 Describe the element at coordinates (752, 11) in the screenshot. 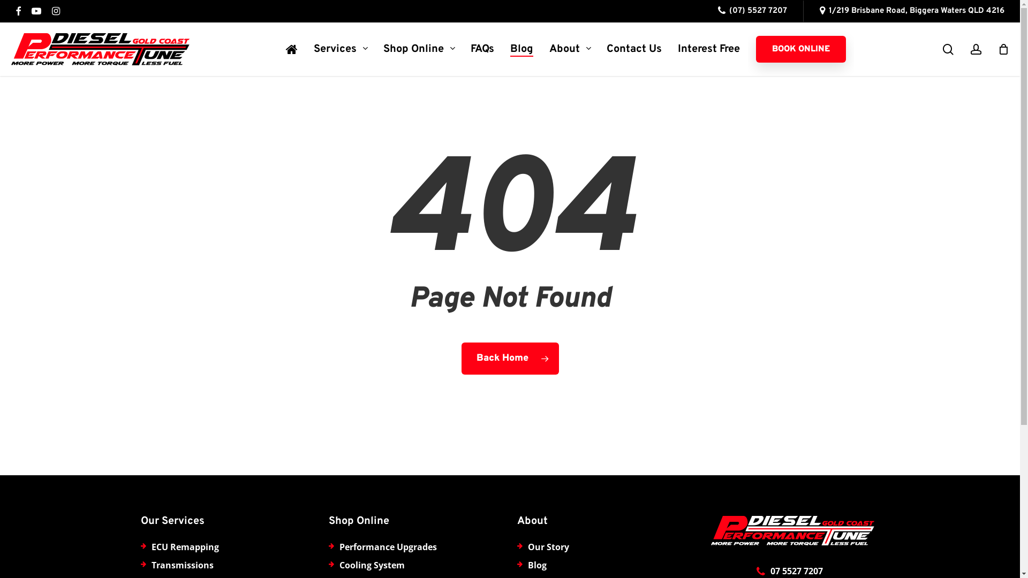

I see `'(07) 5527 7207'` at that location.